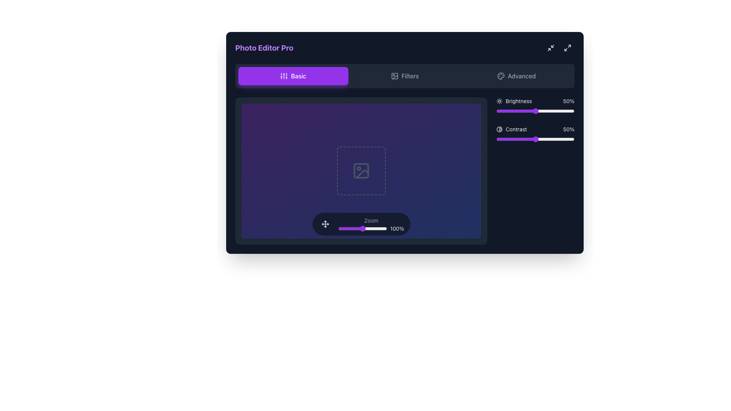 The image size is (731, 411). What do you see at coordinates (553, 139) in the screenshot?
I see `the slider` at bounding box center [553, 139].